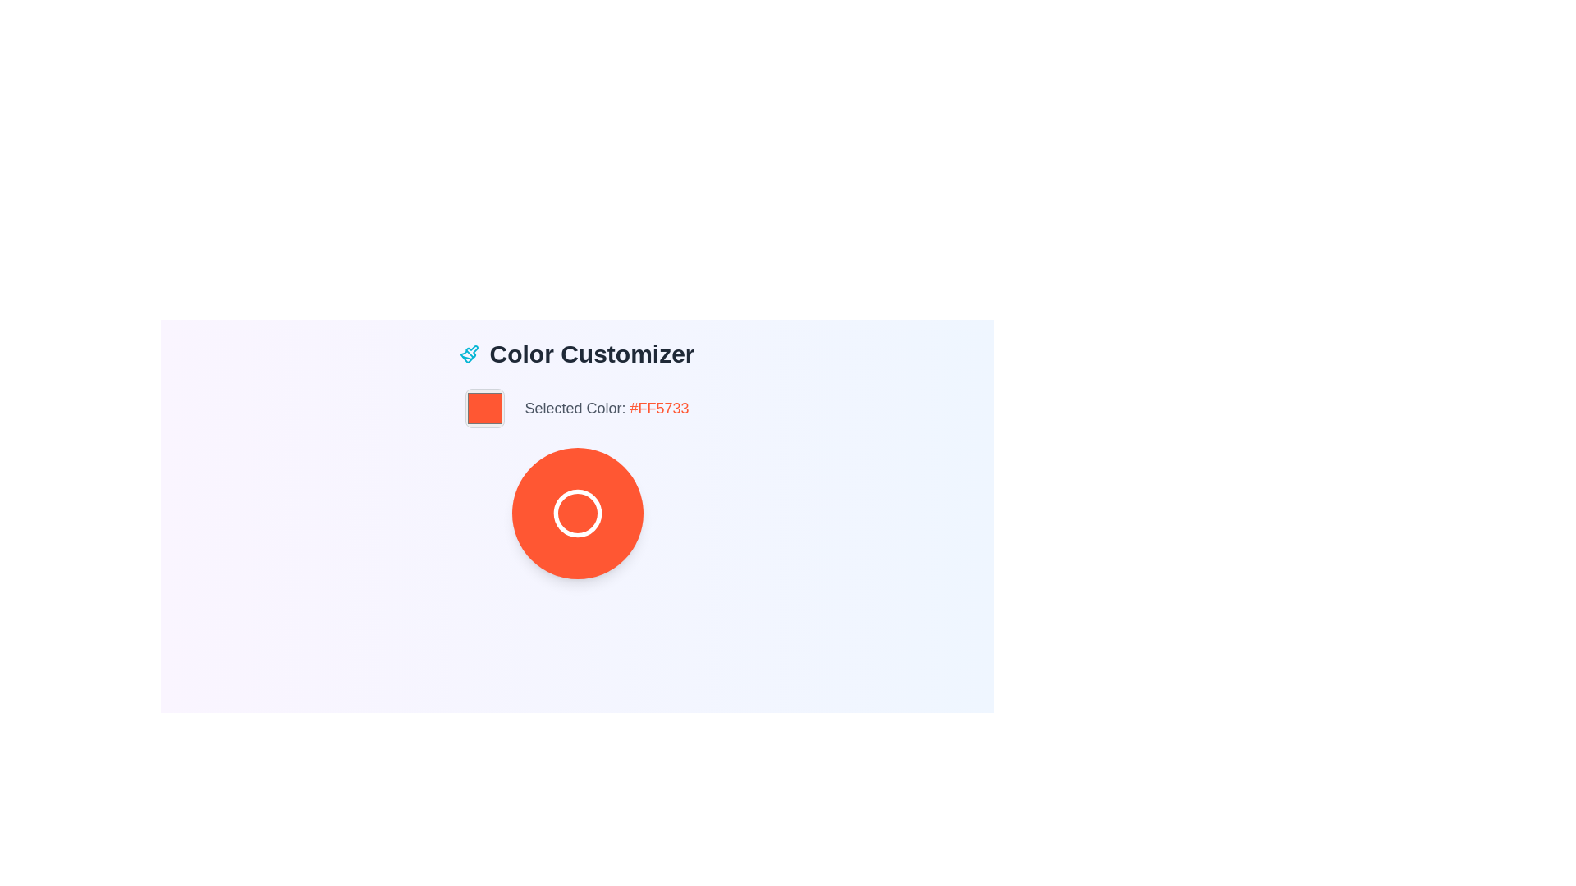 The height and width of the screenshot is (886, 1576). I want to click on the circular color customization button located below the 'Selected Color: #FF5733' text, so click(577, 512).